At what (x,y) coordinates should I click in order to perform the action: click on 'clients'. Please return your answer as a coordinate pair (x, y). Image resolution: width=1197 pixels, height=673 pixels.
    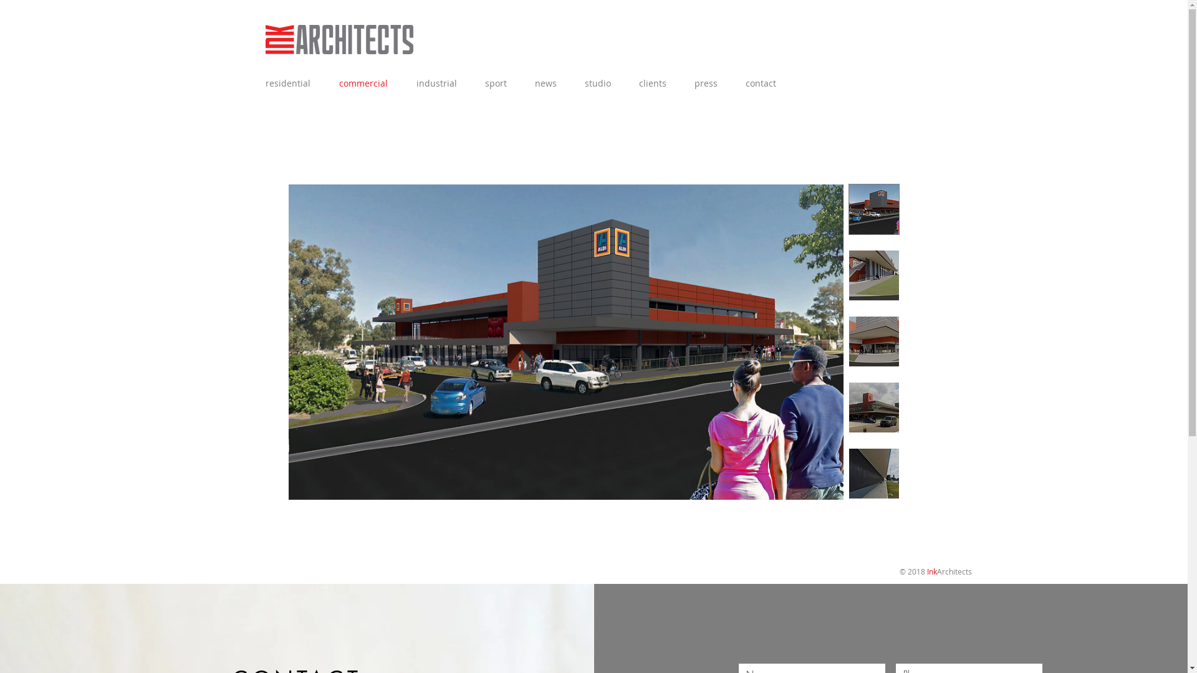
    Looking at the image, I should click on (656, 83).